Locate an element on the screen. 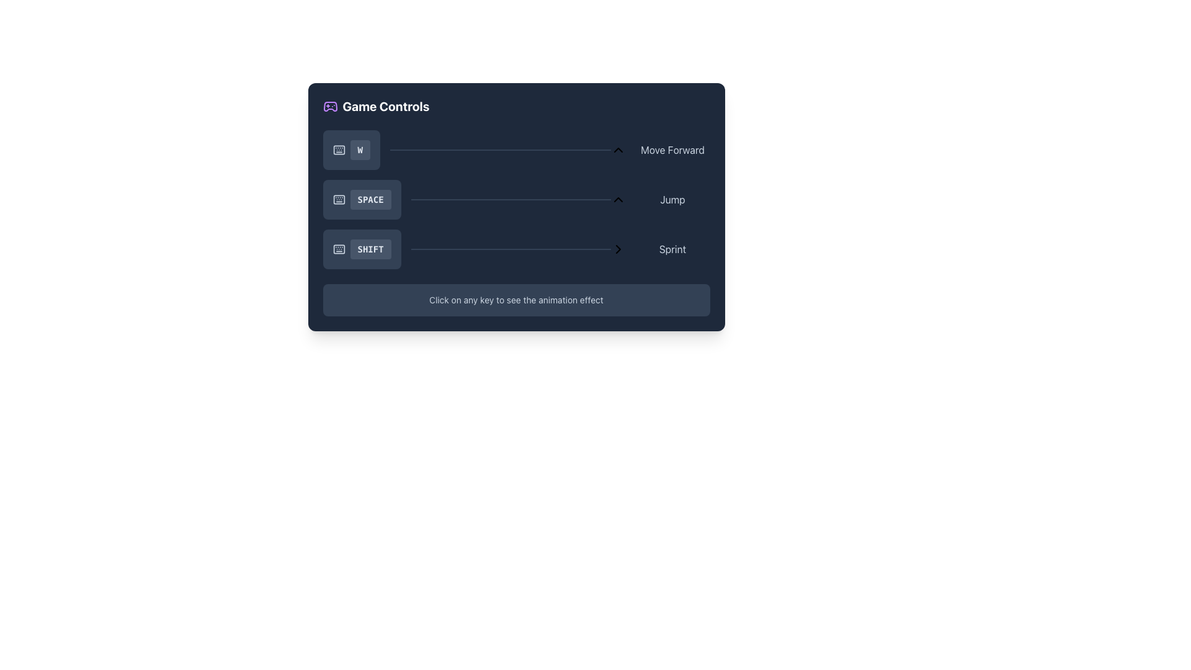 The height and width of the screenshot is (670, 1191). the progress bar associated with the 'Move Forward' control in the 'Game Controls' panel is located at coordinates (507, 150).